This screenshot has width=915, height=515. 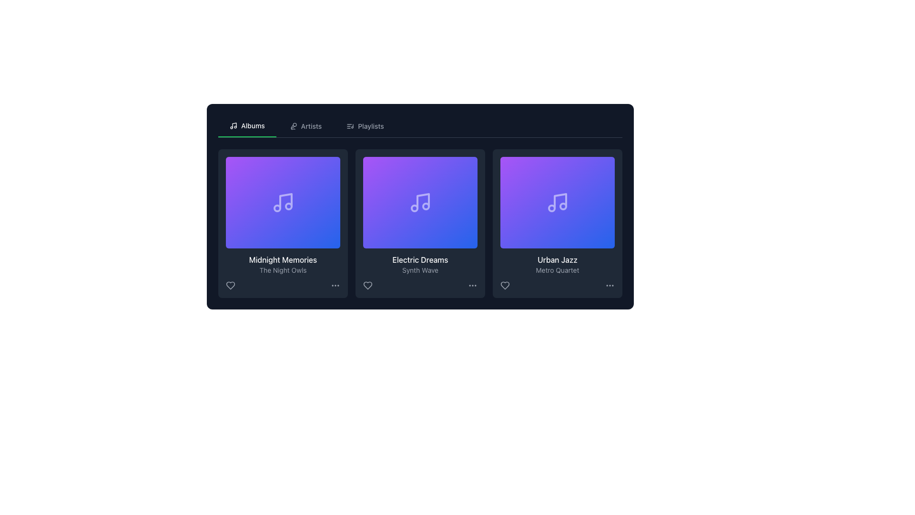 What do you see at coordinates (365, 126) in the screenshot?
I see `the 'Playlists' navigation menu item` at bounding box center [365, 126].